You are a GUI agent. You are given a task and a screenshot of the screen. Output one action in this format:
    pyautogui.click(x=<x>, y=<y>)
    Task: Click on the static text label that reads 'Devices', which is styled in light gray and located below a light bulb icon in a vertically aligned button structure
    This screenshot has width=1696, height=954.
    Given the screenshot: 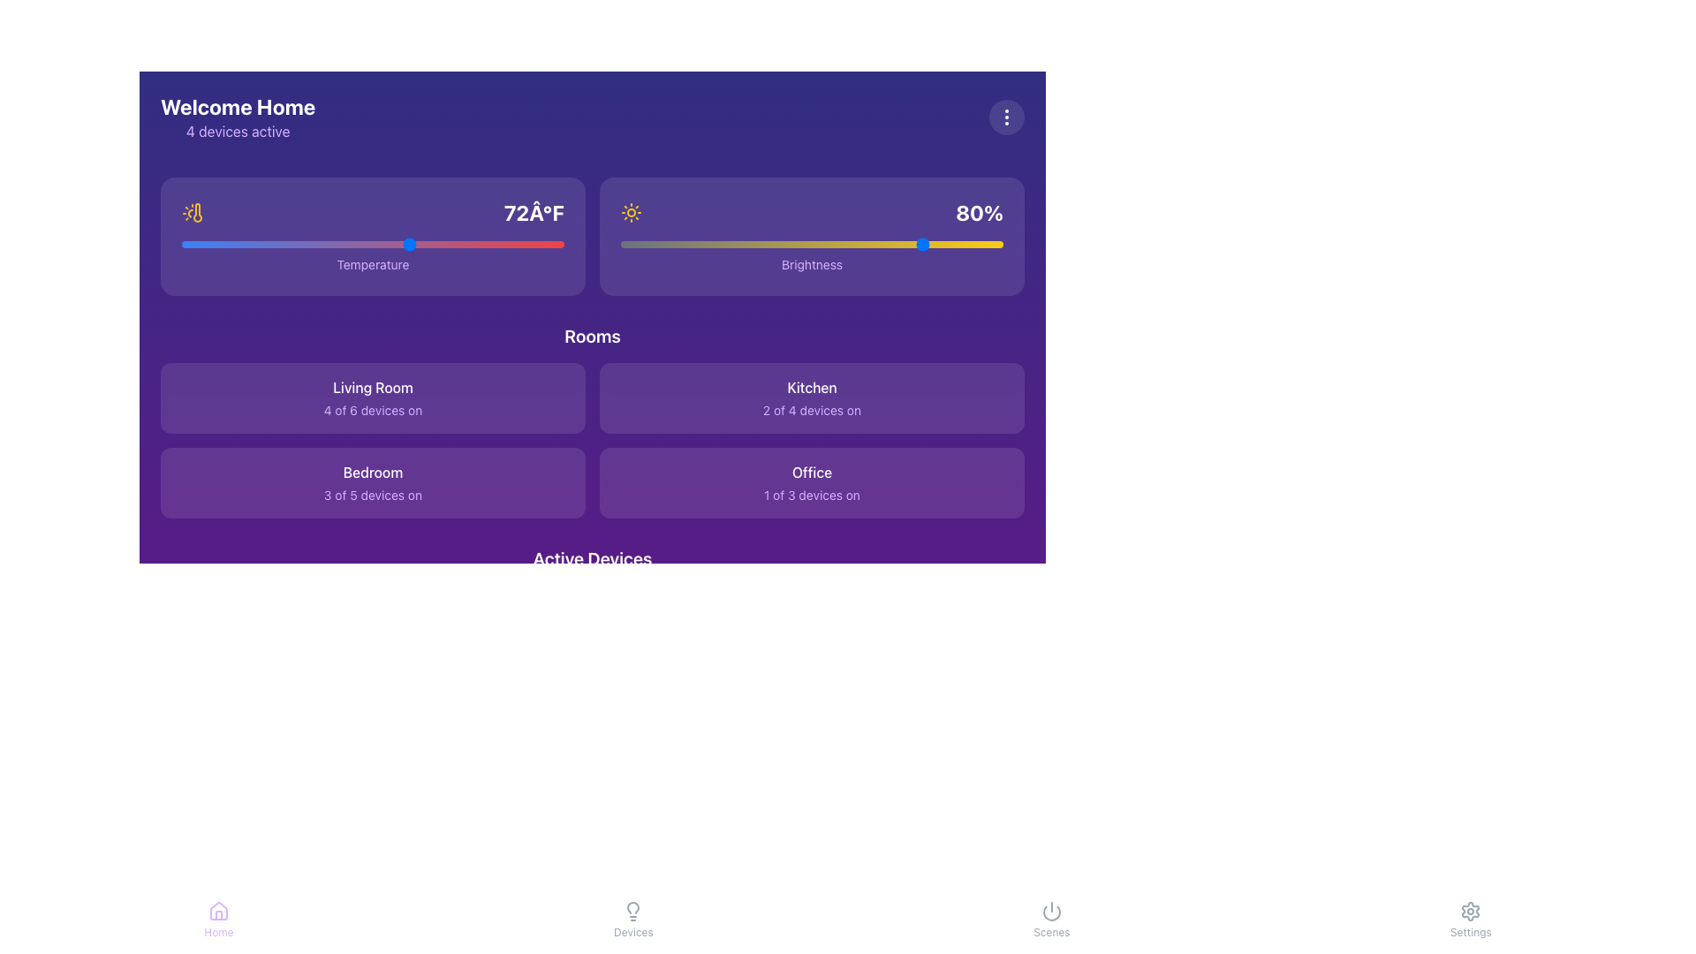 What is the action you would take?
    pyautogui.click(x=633, y=932)
    